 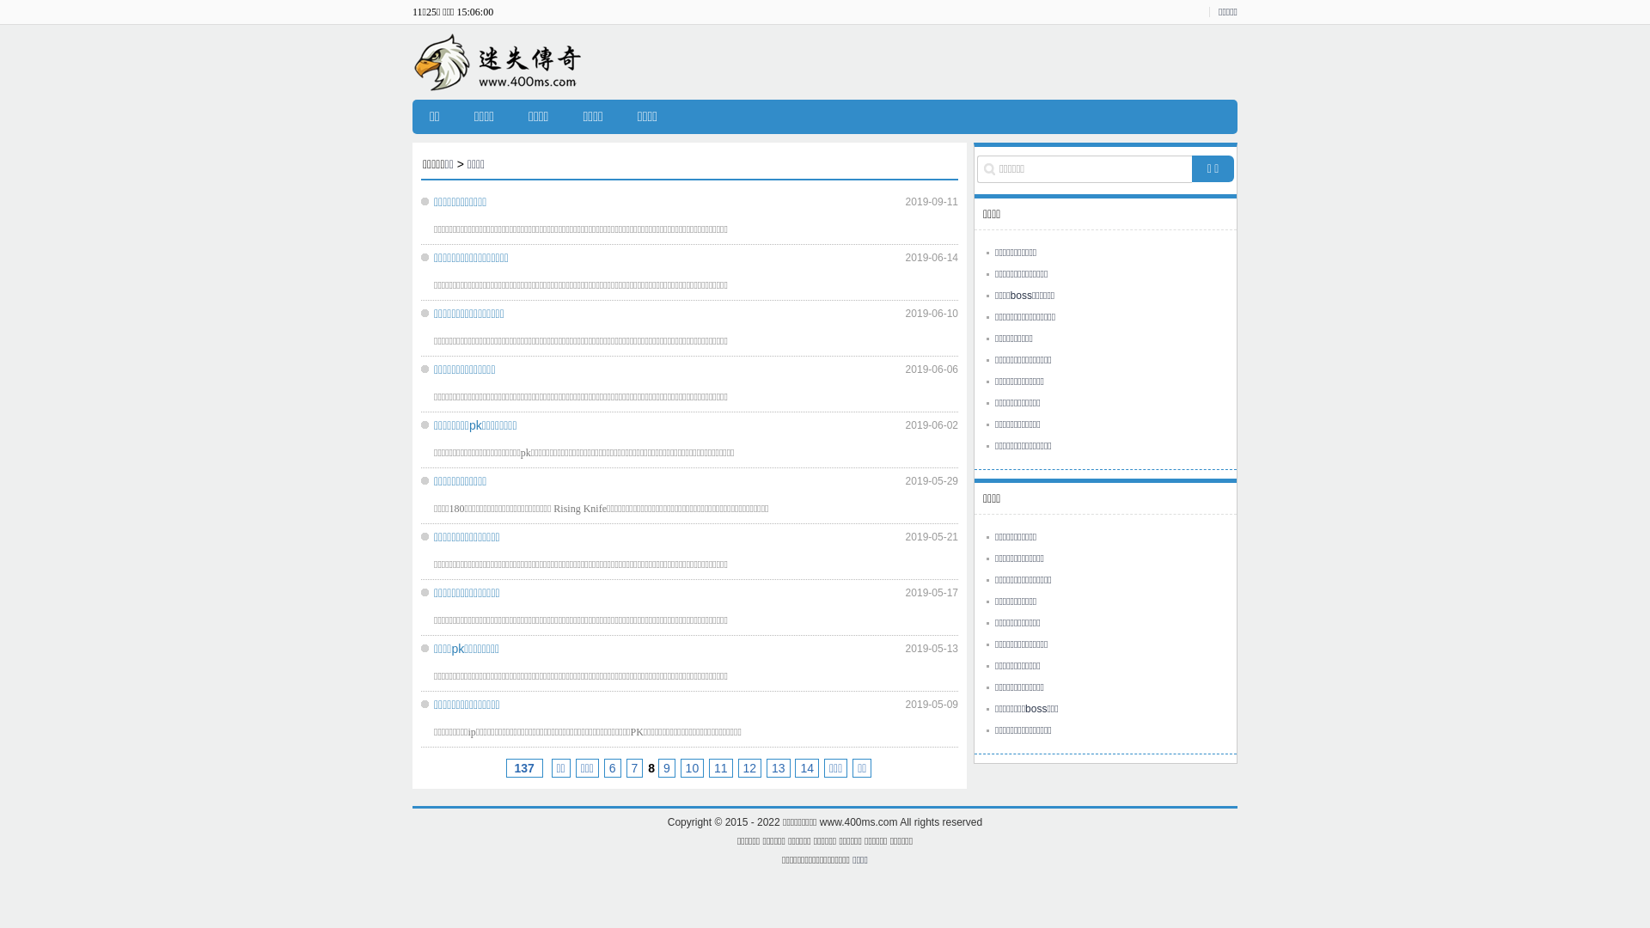 I want to click on '13', so click(x=766, y=767).